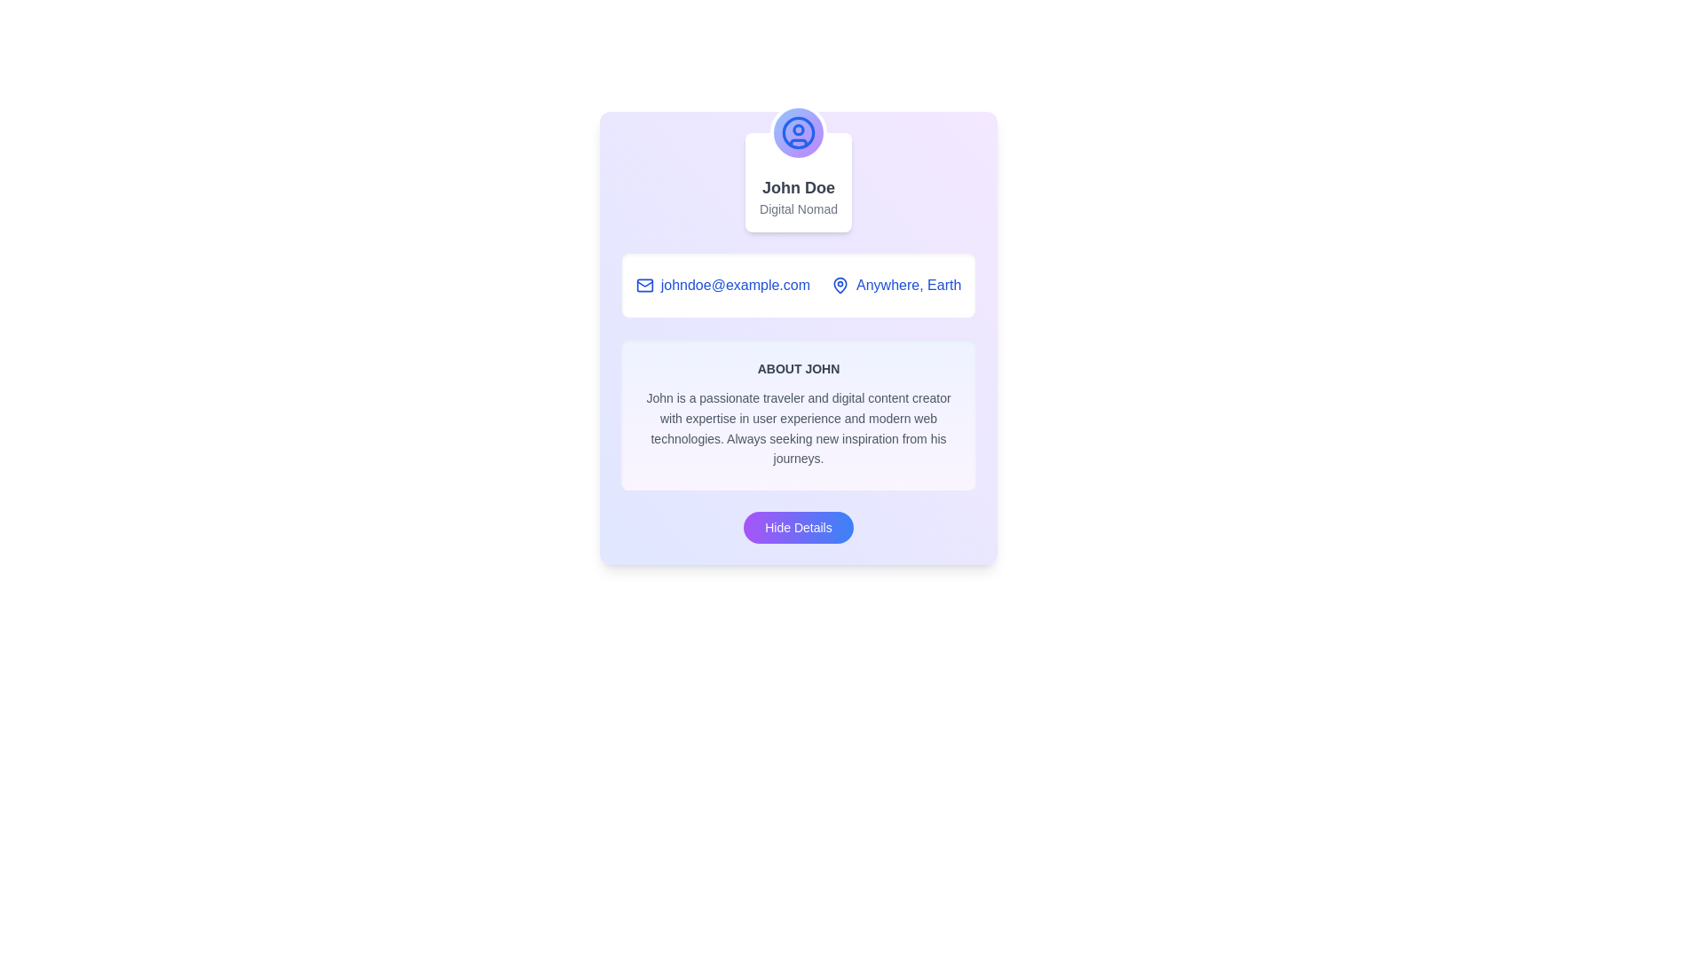 This screenshot has width=1704, height=958. I want to click on the circular user avatar icon with a gradient background and white outline, located at the top part of the card layout, so click(798, 132).